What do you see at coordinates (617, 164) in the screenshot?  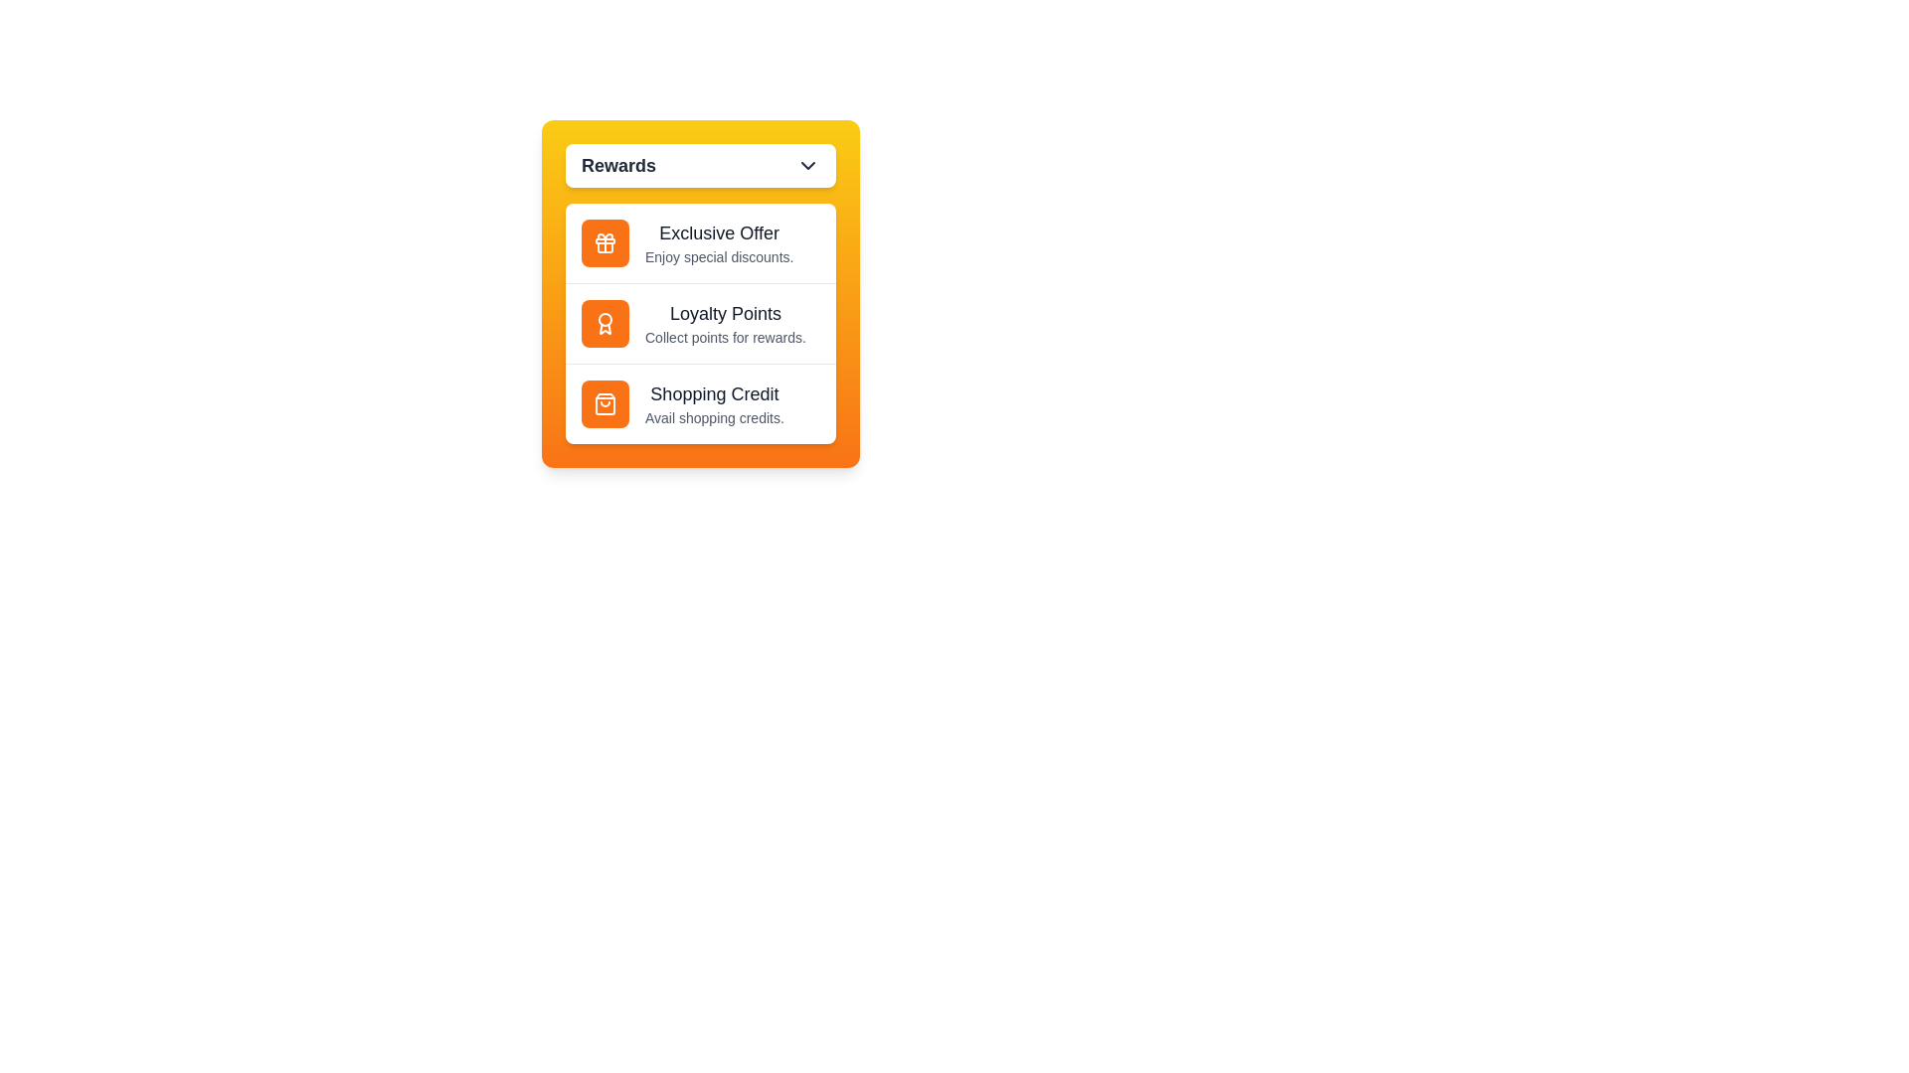 I see `the 'Rewards' text label, which is displayed in bold black font on a bright yellow background within a dropdown menu` at bounding box center [617, 164].